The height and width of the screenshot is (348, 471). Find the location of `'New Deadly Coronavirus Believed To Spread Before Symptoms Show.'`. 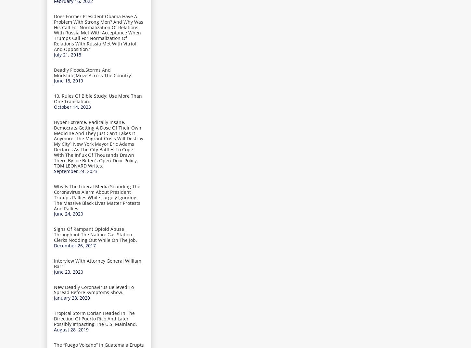

'New Deadly Coronavirus Believed To Spread Before Symptoms Show.' is located at coordinates (94, 290).